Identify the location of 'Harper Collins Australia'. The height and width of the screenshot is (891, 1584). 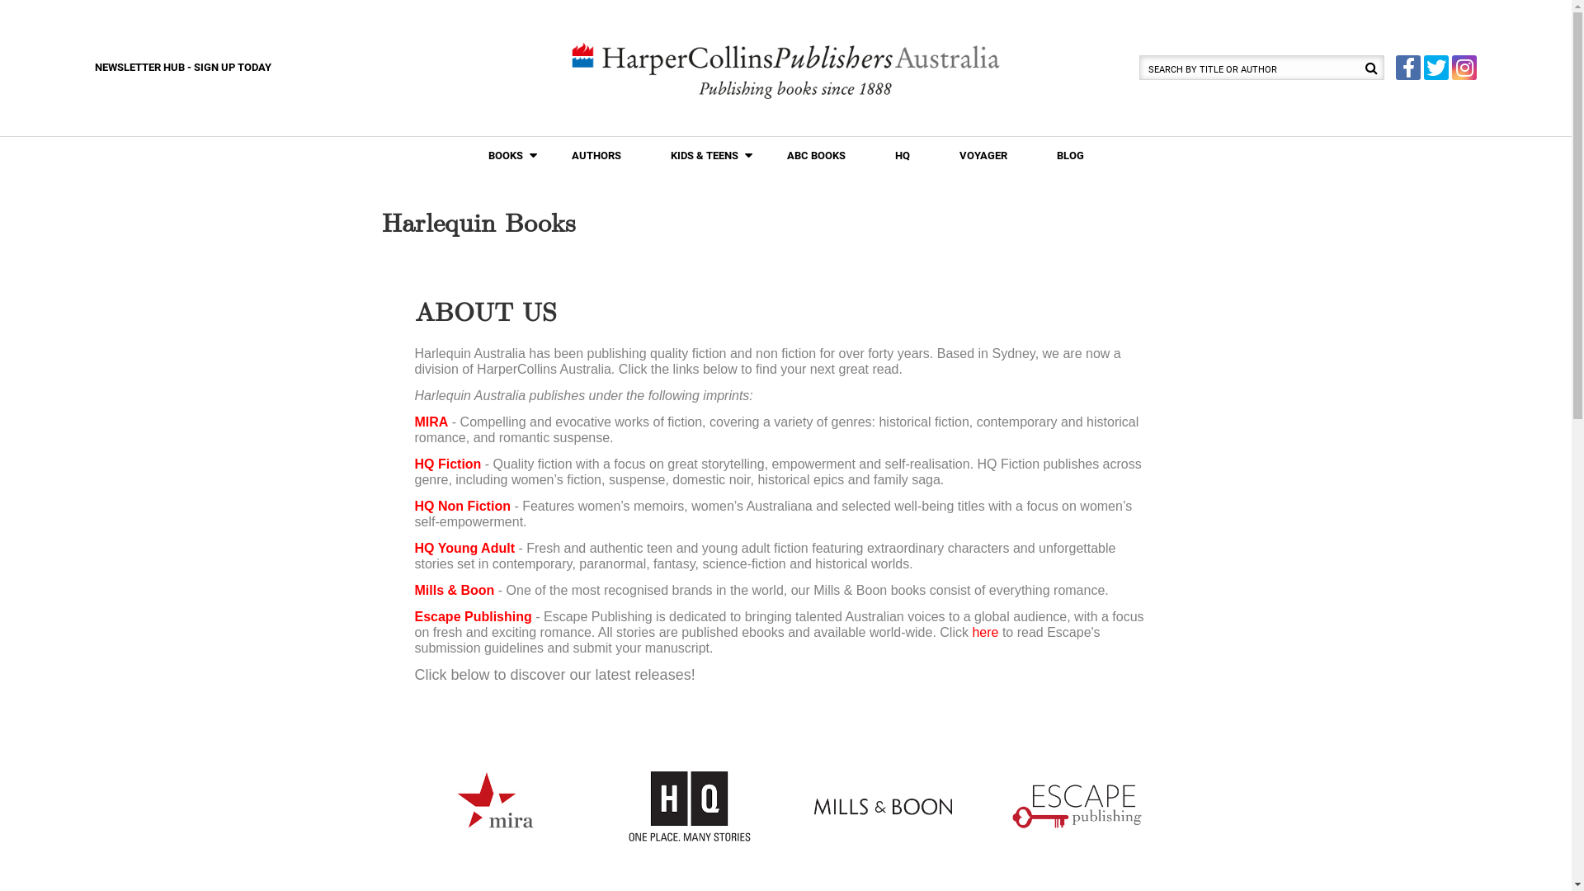
(785, 68).